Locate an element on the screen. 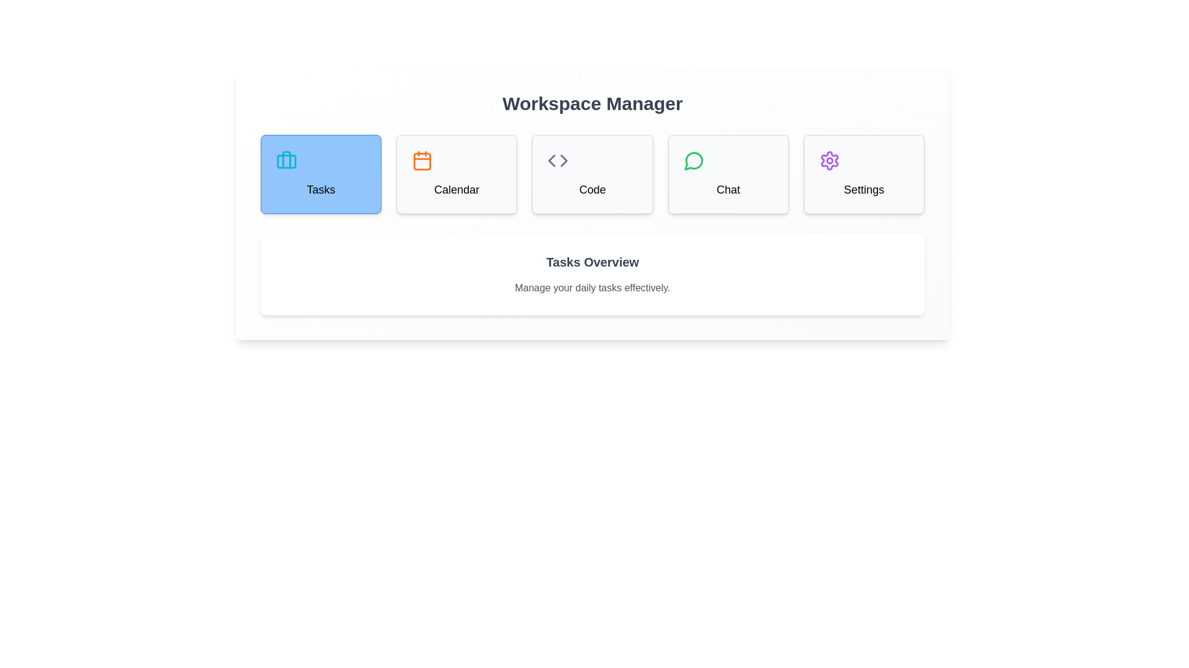 This screenshot has height=668, width=1189. the text label that serves as the title for the 'Calendar' card, located directly below the orange calendar icon within the second card in a horizontal layout is located at coordinates (456, 190).